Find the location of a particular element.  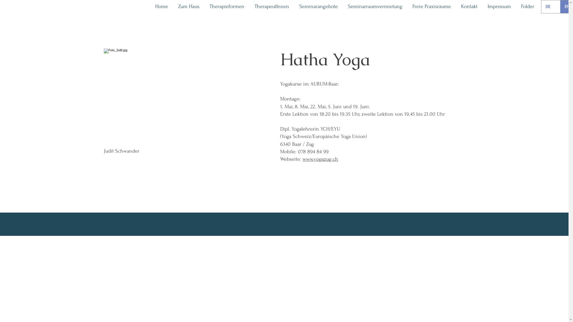

'www.yogazug.ch' is located at coordinates (320, 159).